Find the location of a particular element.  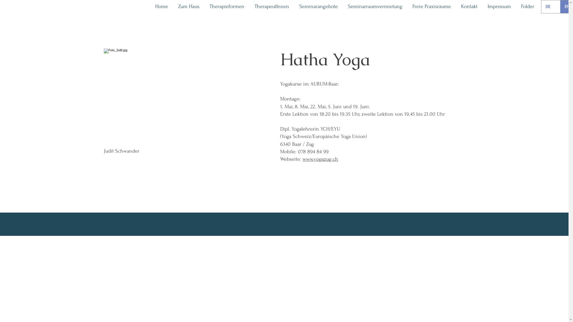

'www.yogazug.ch' is located at coordinates (320, 159).